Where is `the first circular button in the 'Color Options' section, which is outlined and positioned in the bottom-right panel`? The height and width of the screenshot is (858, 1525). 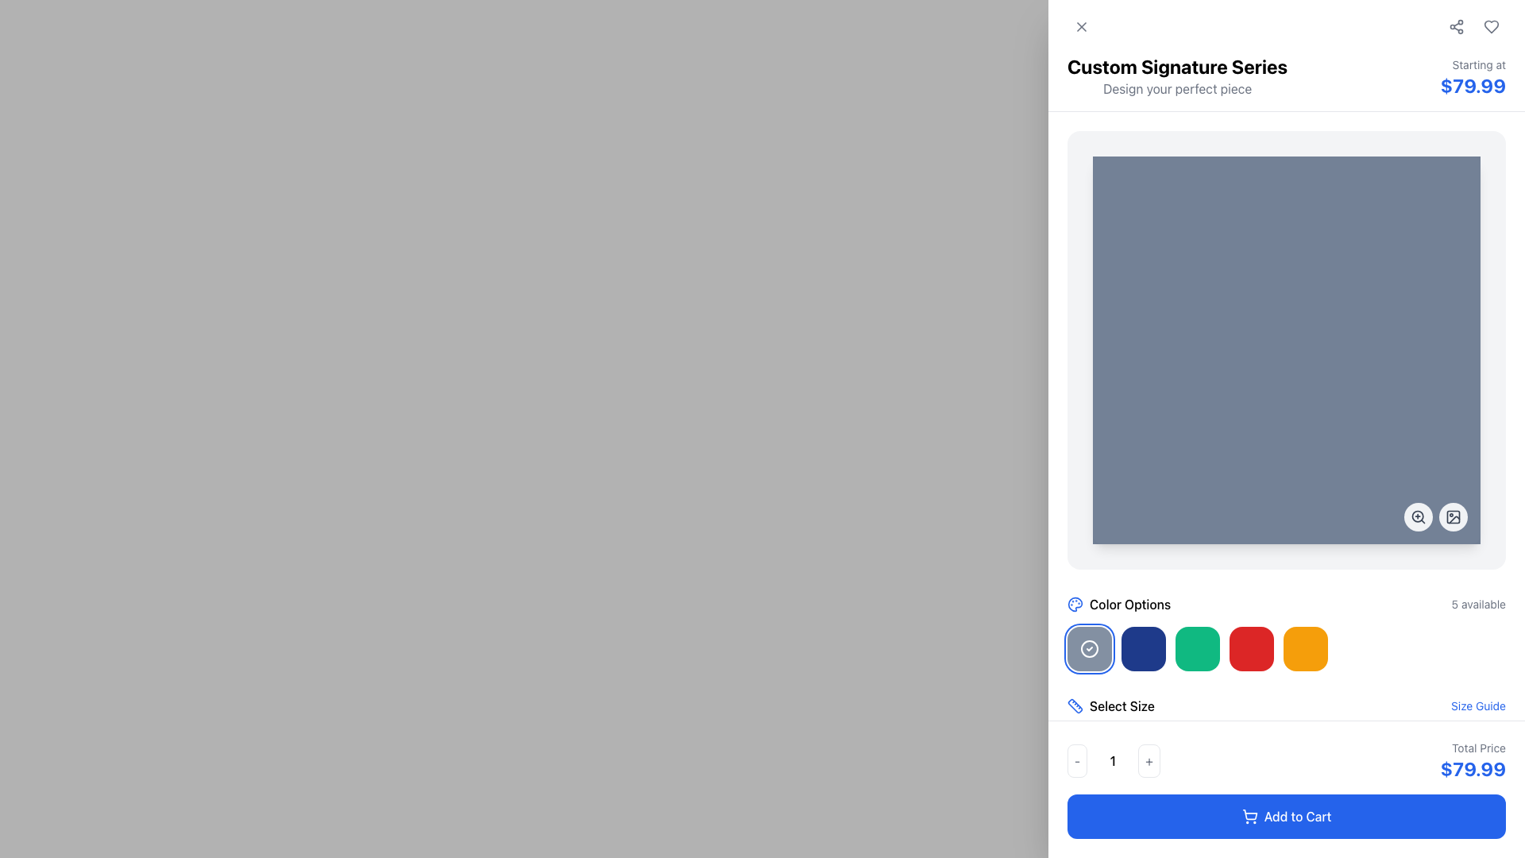 the first circular button in the 'Color Options' section, which is outlined and positioned in the bottom-right panel is located at coordinates (1089, 649).